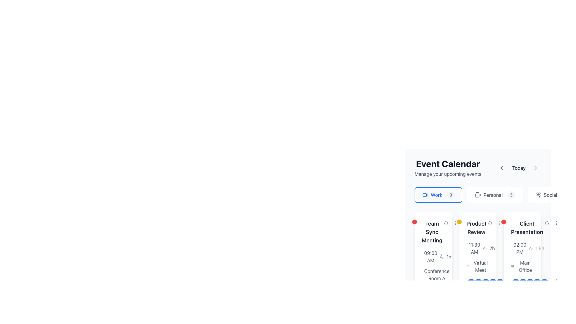 The width and height of the screenshot is (576, 324). I want to click on the 'Personal' text label located within the button that has a white background and gray border, so click(493, 195).